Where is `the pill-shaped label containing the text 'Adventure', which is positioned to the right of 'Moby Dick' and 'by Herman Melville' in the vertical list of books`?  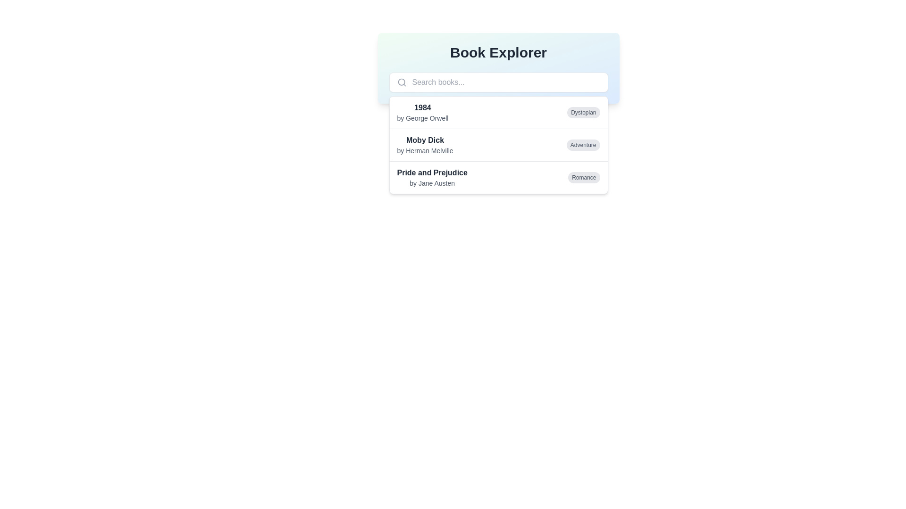 the pill-shaped label containing the text 'Adventure', which is positioned to the right of 'Moby Dick' and 'by Herman Melville' in the vertical list of books is located at coordinates (583, 145).